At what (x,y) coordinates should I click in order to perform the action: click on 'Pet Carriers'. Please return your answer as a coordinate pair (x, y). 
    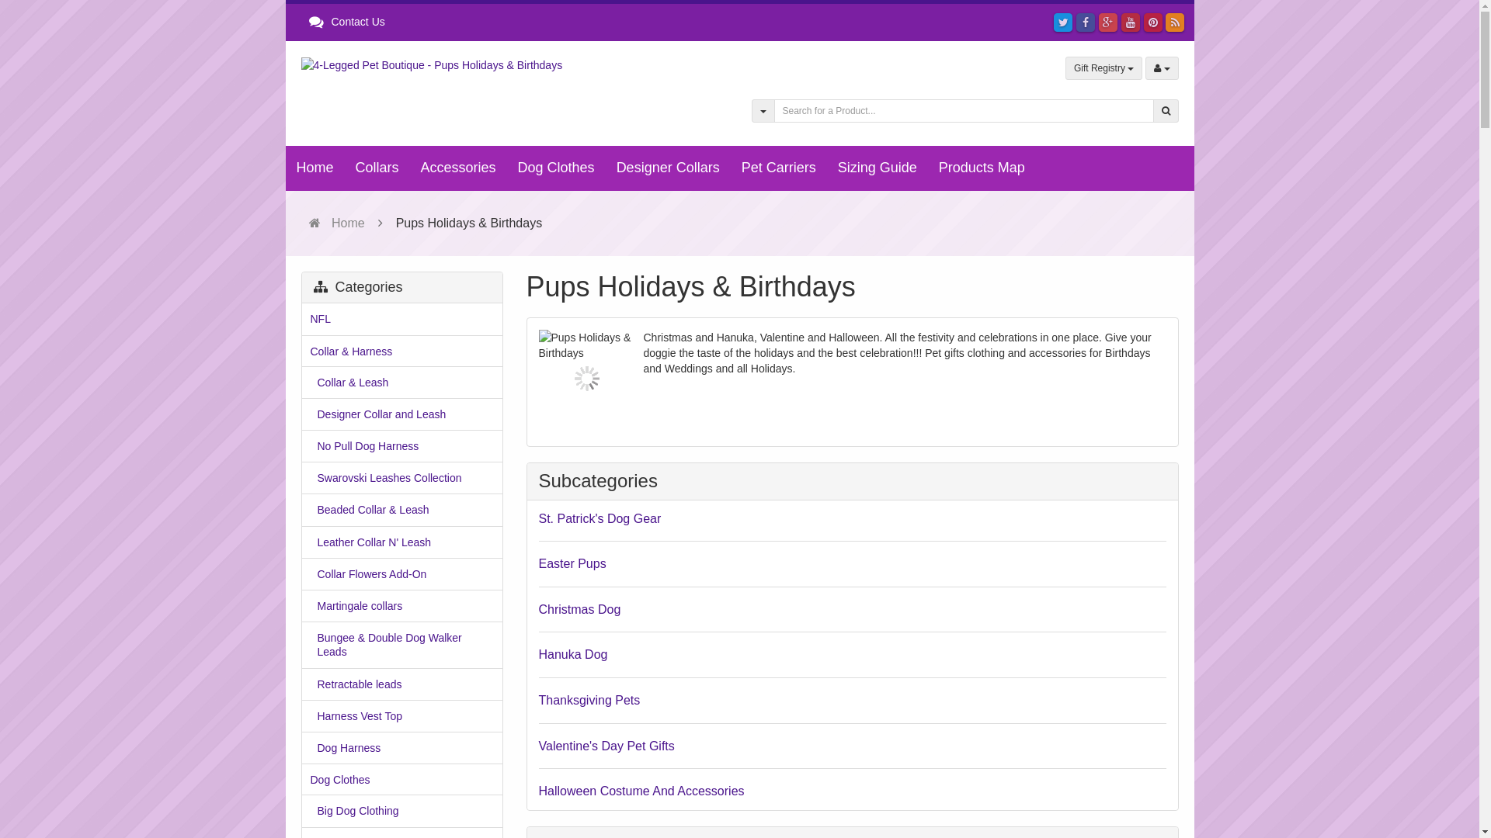
    Looking at the image, I should click on (779, 168).